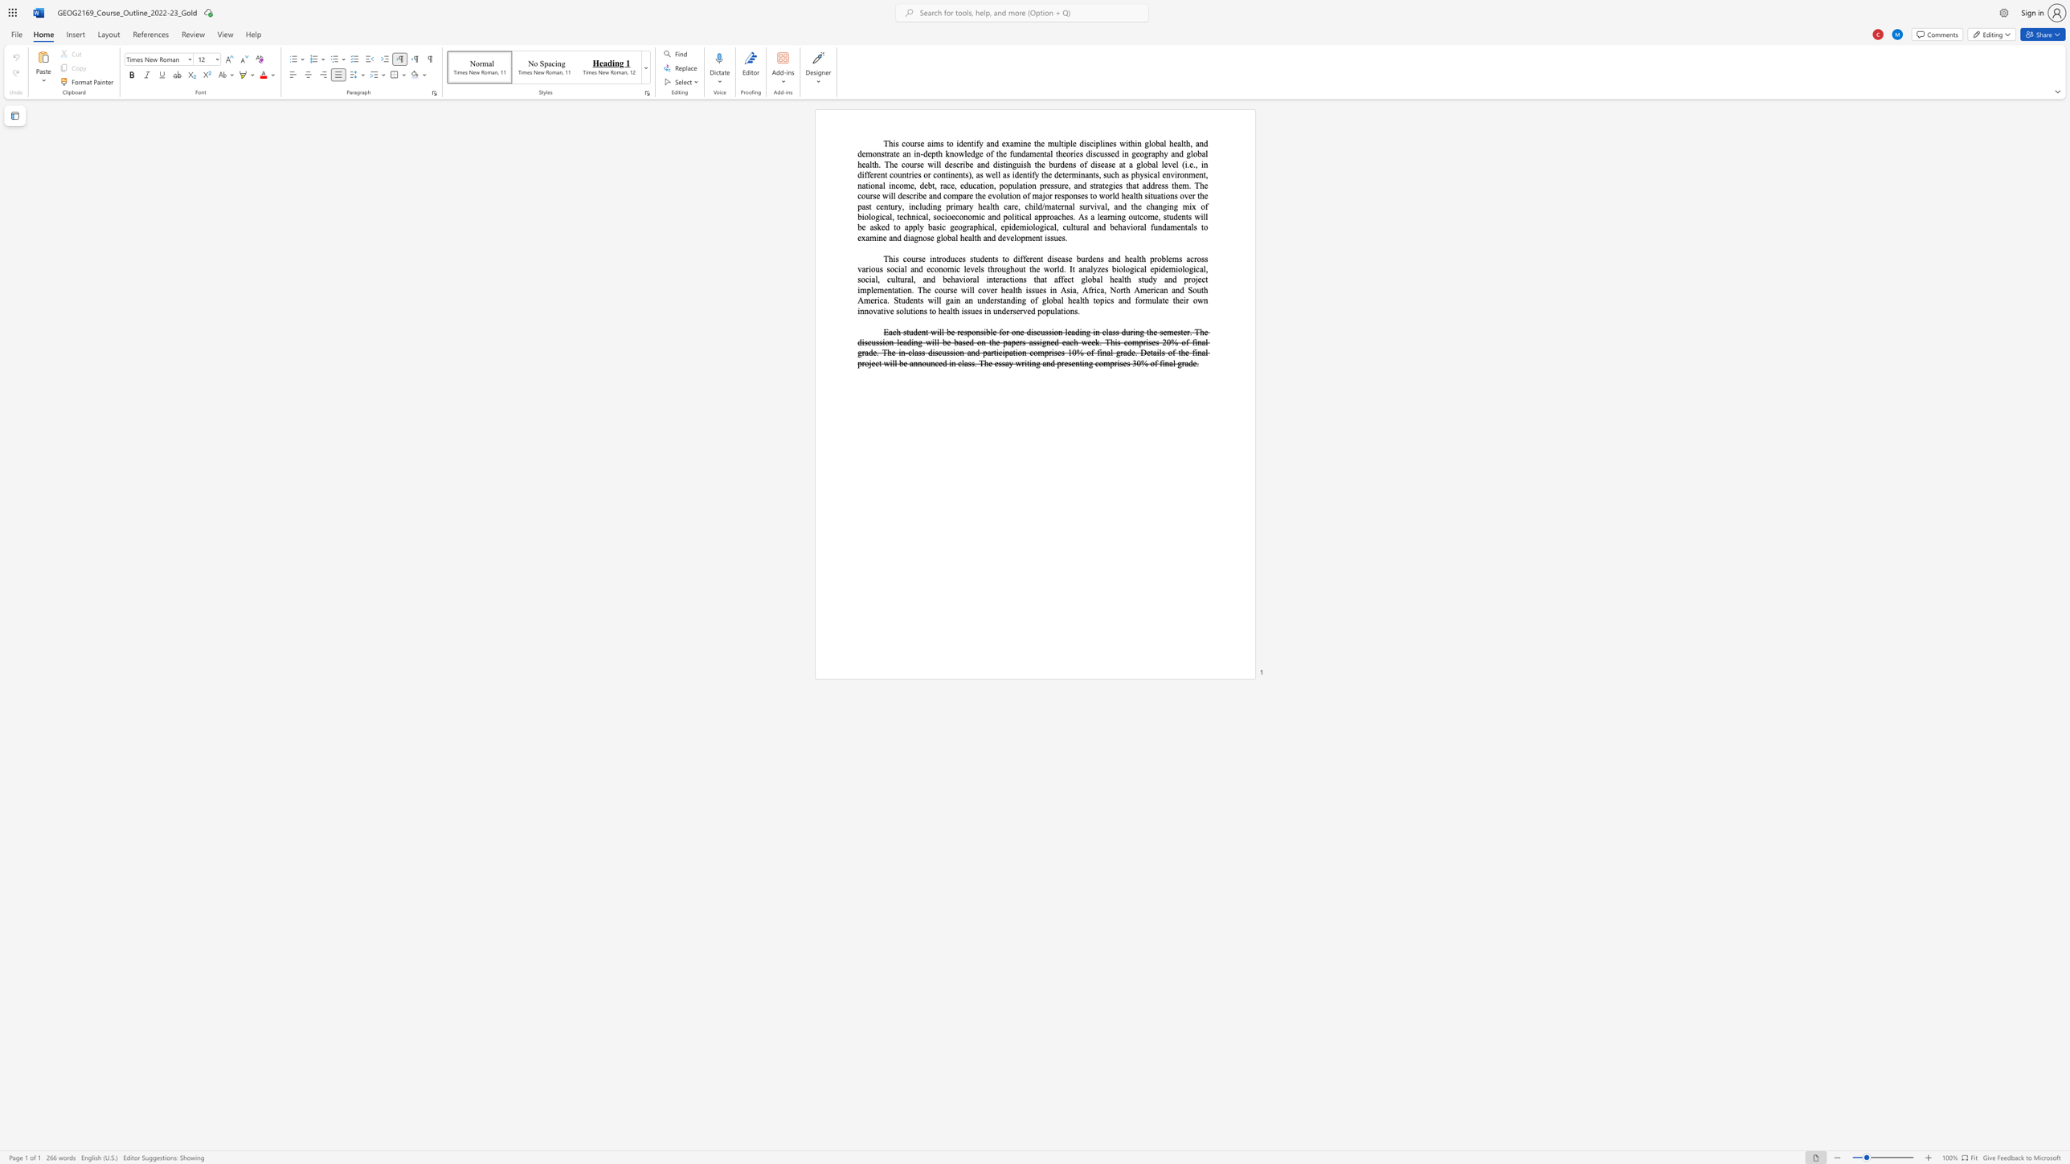  What do you see at coordinates (1029, 290) in the screenshot?
I see `the 20th character "s" in the text` at bounding box center [1029, 290].